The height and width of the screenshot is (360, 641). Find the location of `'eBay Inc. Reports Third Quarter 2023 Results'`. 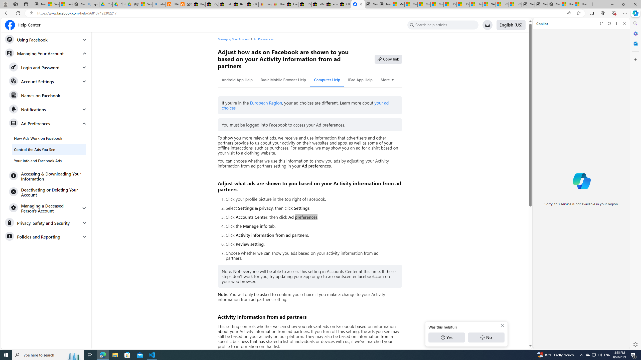

'eBay Inc. Reports Third Quarter 2023 Results' is located at coordinates (332, 4).